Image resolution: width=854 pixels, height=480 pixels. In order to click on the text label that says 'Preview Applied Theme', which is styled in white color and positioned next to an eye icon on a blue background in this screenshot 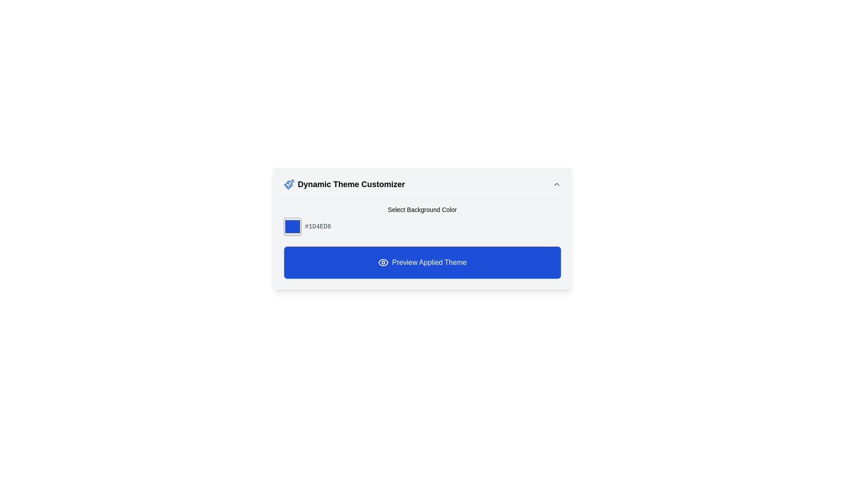, I will do `click(429, 262)`.